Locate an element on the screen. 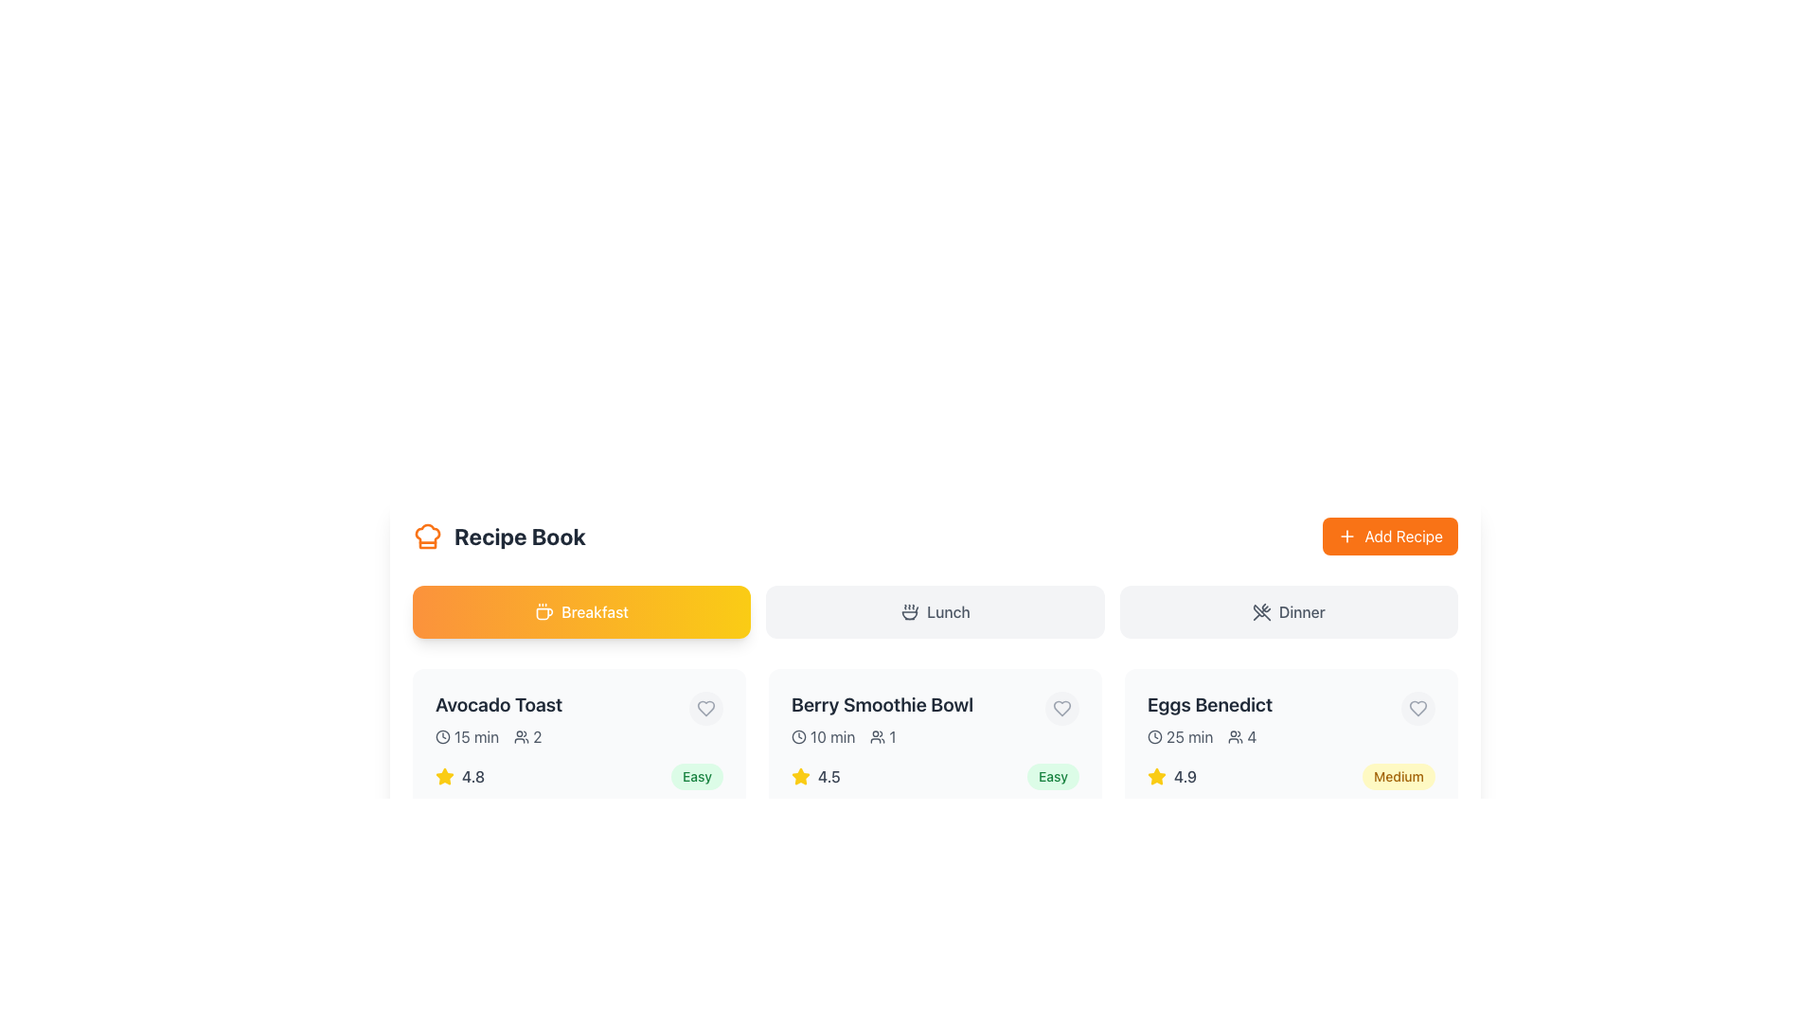 The height and width of the screenshot is (1022, 1818). the numerical rating text label '4.8' that is positioned to the right of the yellow star icon in the rating indicator for the 'Avocado Toast' recipe card in the 'Recipe Book' section is located at coordinates (472, 777).